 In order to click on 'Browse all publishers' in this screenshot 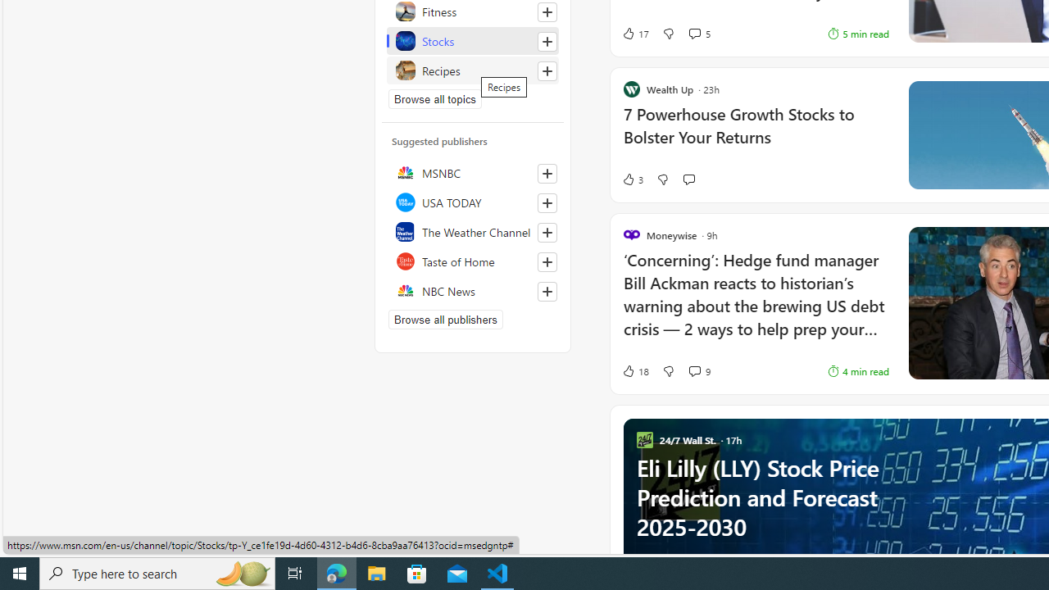, I will do `click(446, 319)`.